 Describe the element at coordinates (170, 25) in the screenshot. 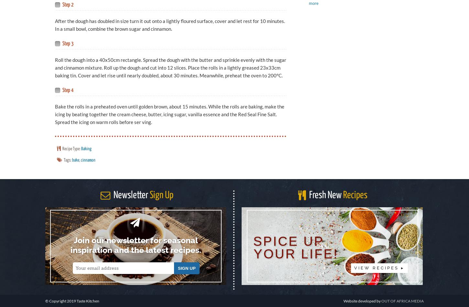

I see `'After the dough has doubled in size turn it out onto a lightly floured surface, cover and let rest for 10 minutes. In a small bowl, combine the brown sugar and cinnamon.'` at that location.